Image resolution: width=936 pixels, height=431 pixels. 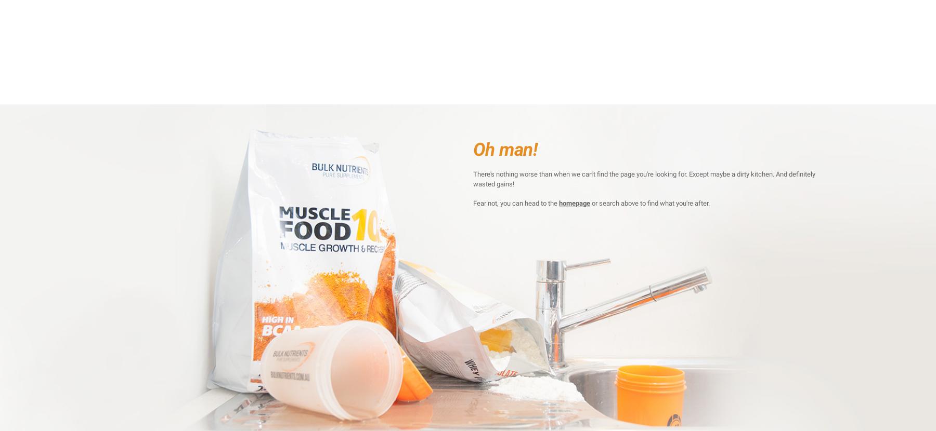 What do you see at coordinates (219, 95) in the screenshot?
I see `'Shop by:'` at bounding box center [219, 95].